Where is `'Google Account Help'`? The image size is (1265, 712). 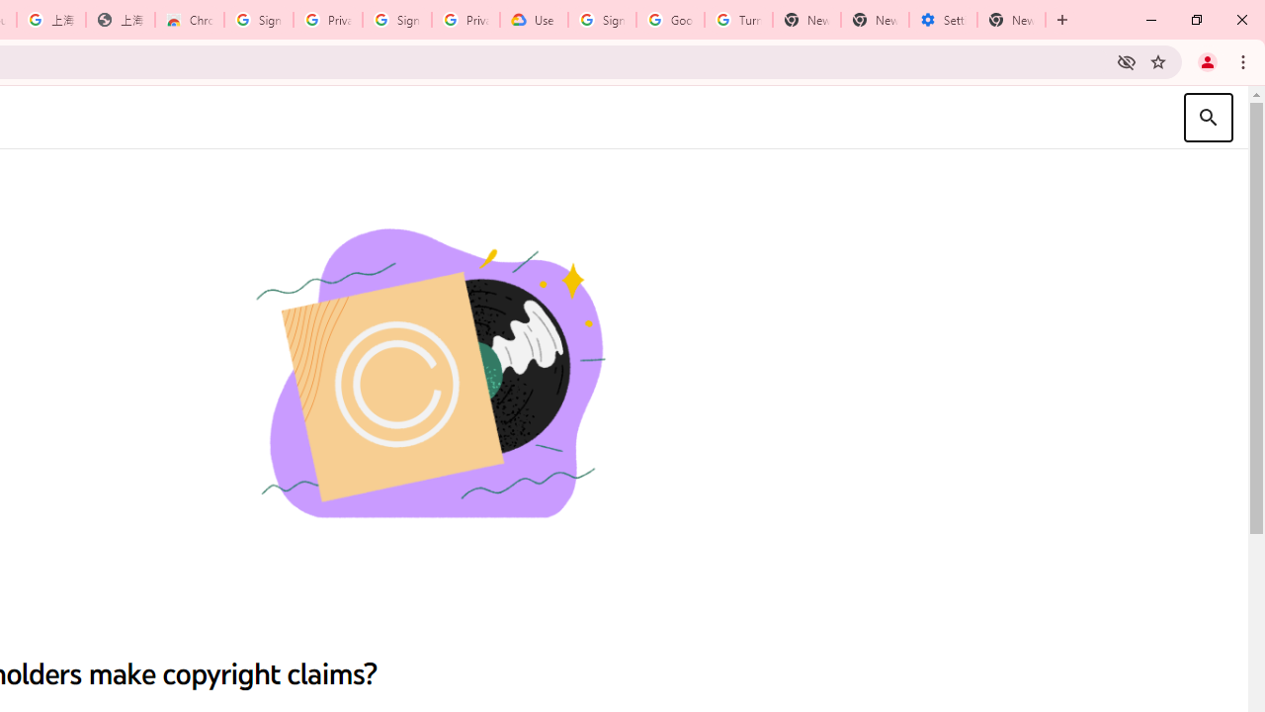 'Google Account Help' is located at coordinates (670, 20).